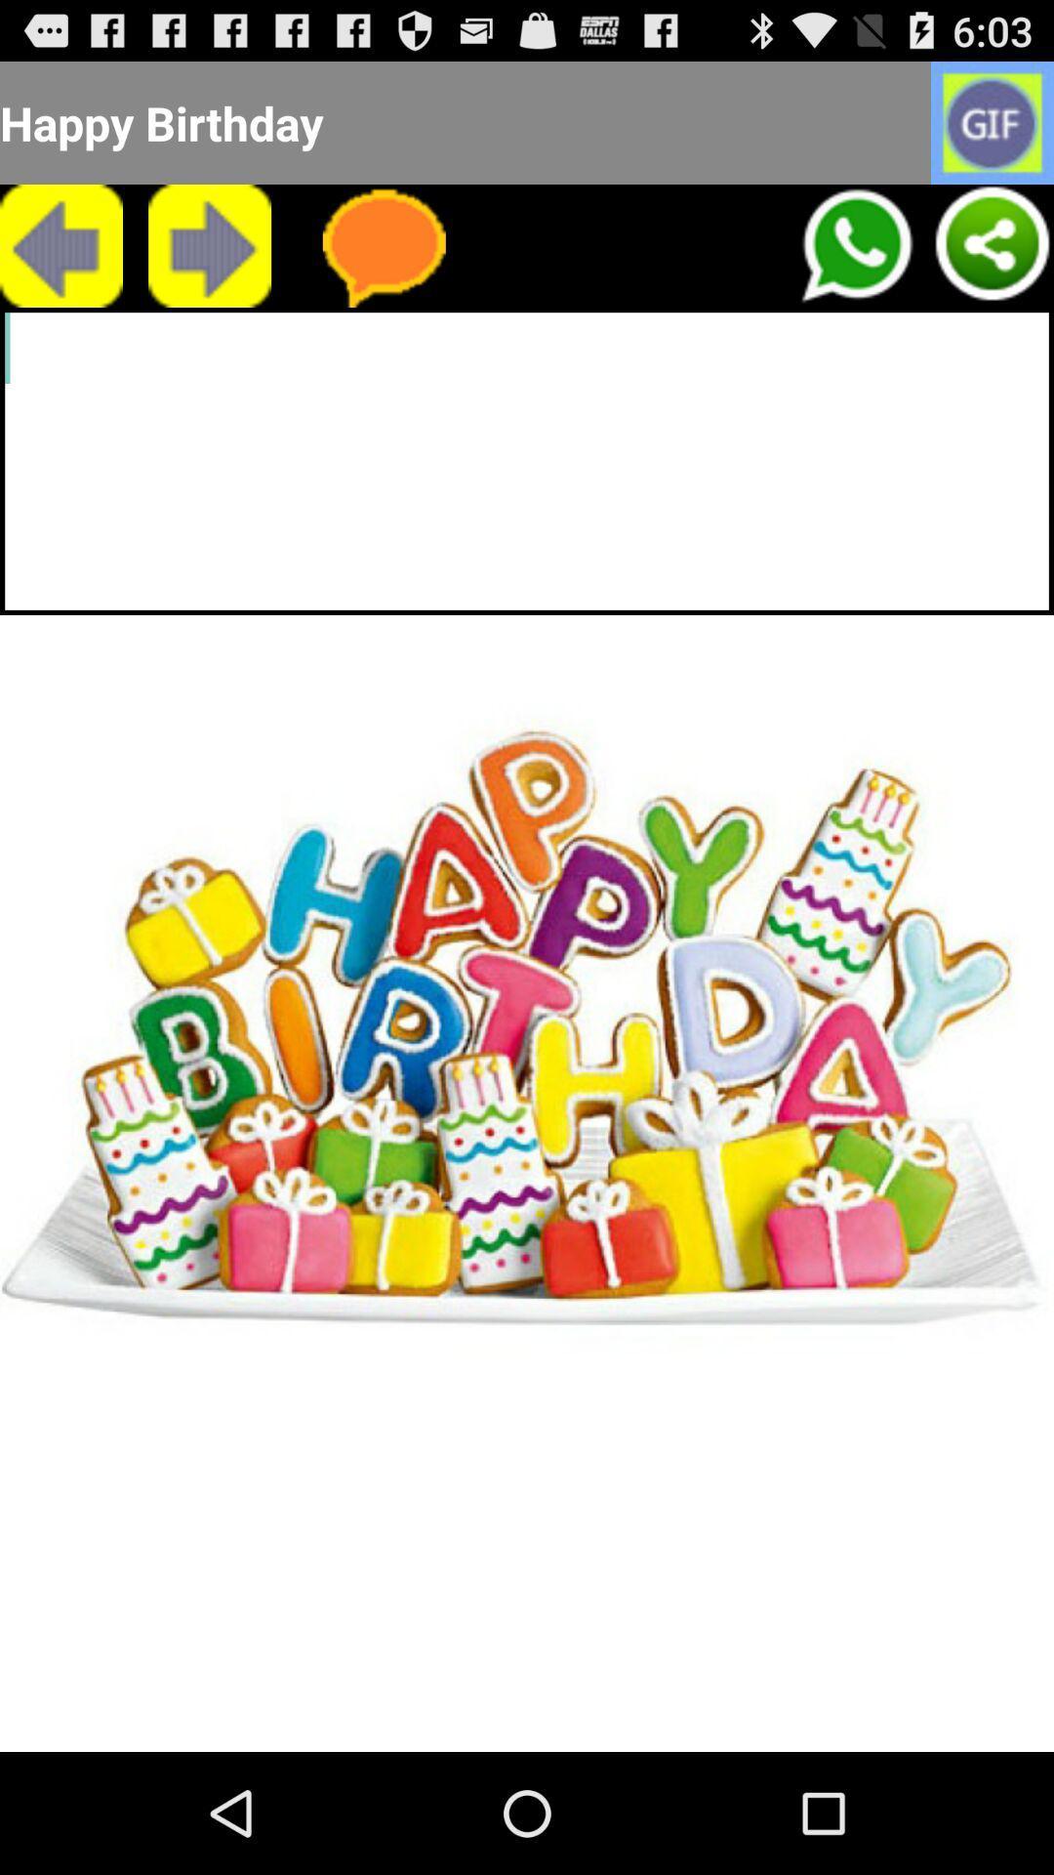 Image resolution: width=1054 pixels, height=1875 pixels. What do you see at coordinates (384, 262) in the screenshot?
I see `the chat icon` at bounding box center [384, 262].